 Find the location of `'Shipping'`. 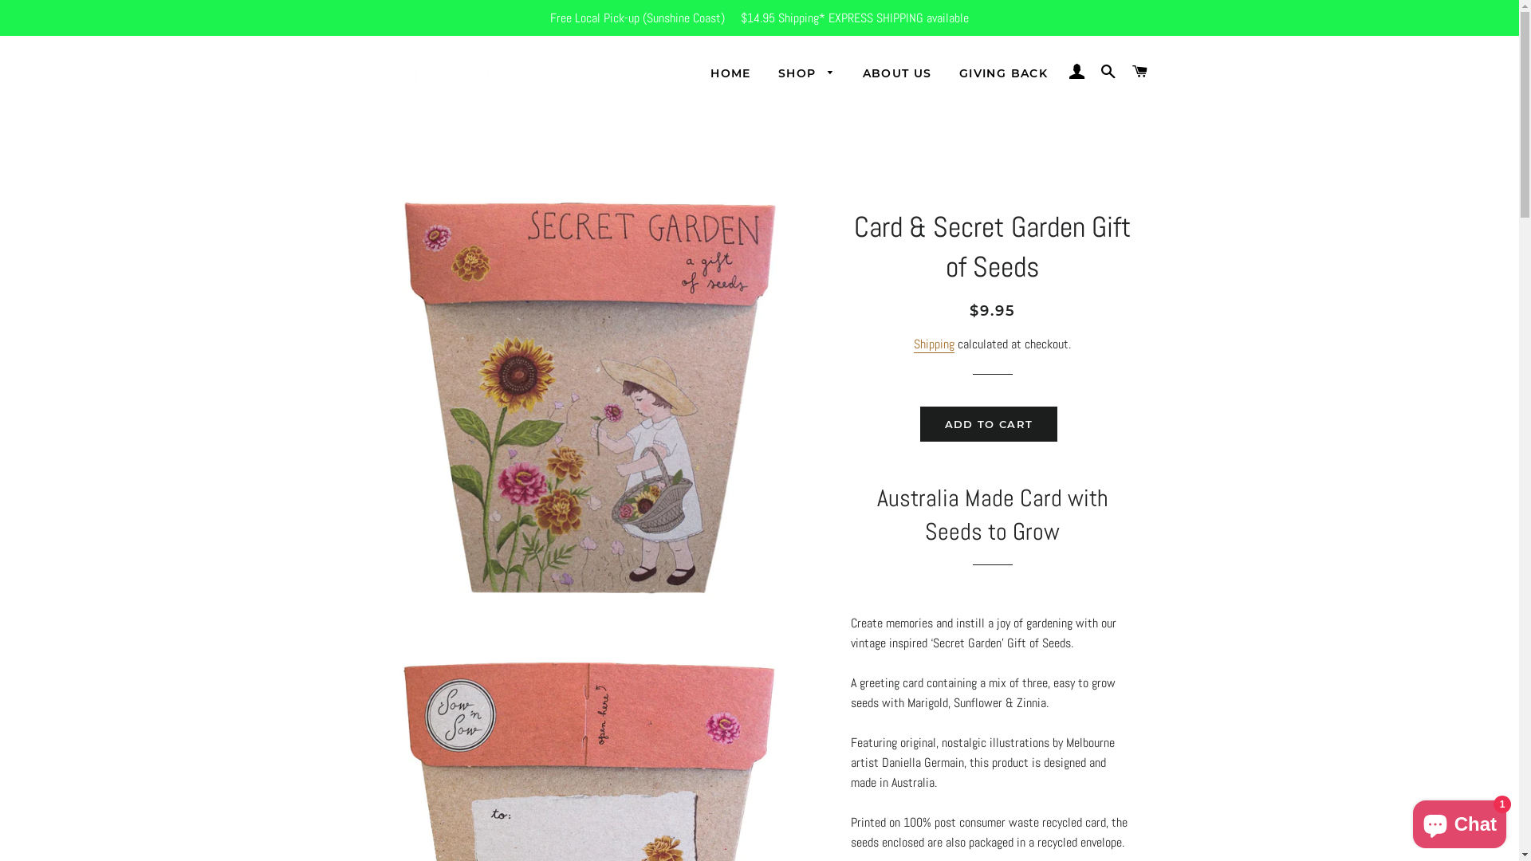

'Shipping' is located at coordinates (934, 344).